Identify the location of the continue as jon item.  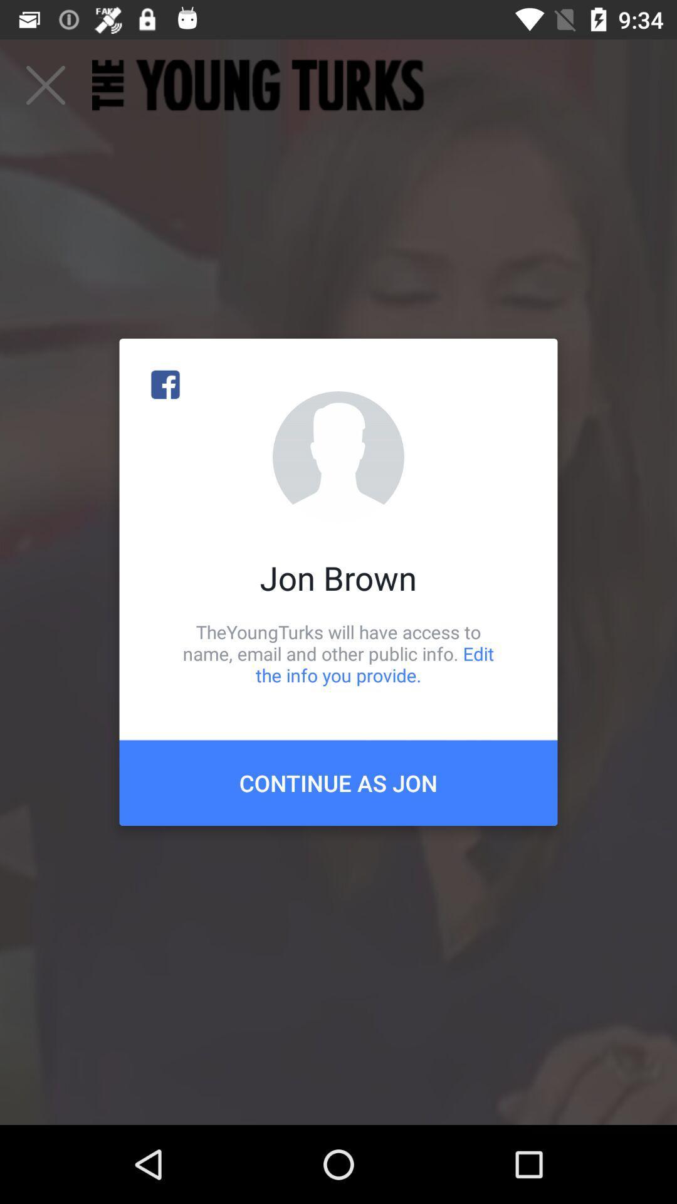
(338, 782).